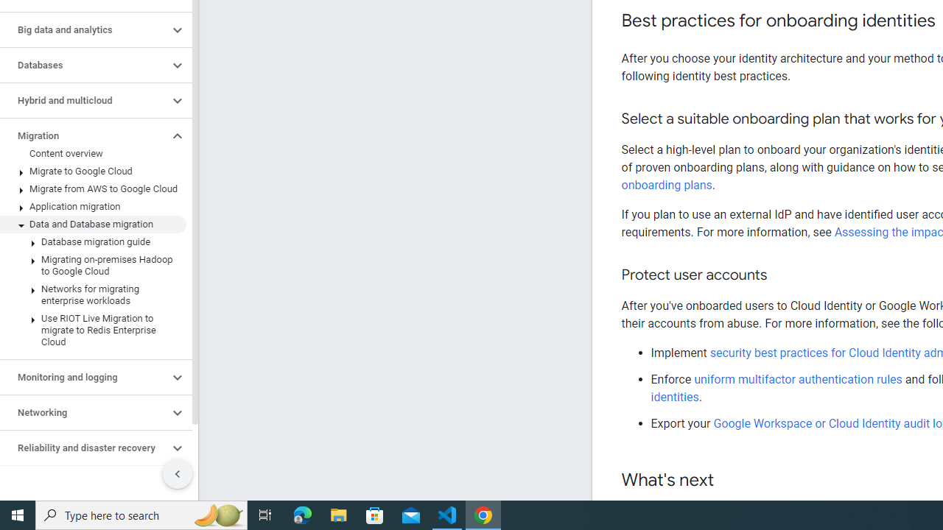 The height and width of the screenshot is (530, 943). I want to click on 'Networking', so click(83, 412).